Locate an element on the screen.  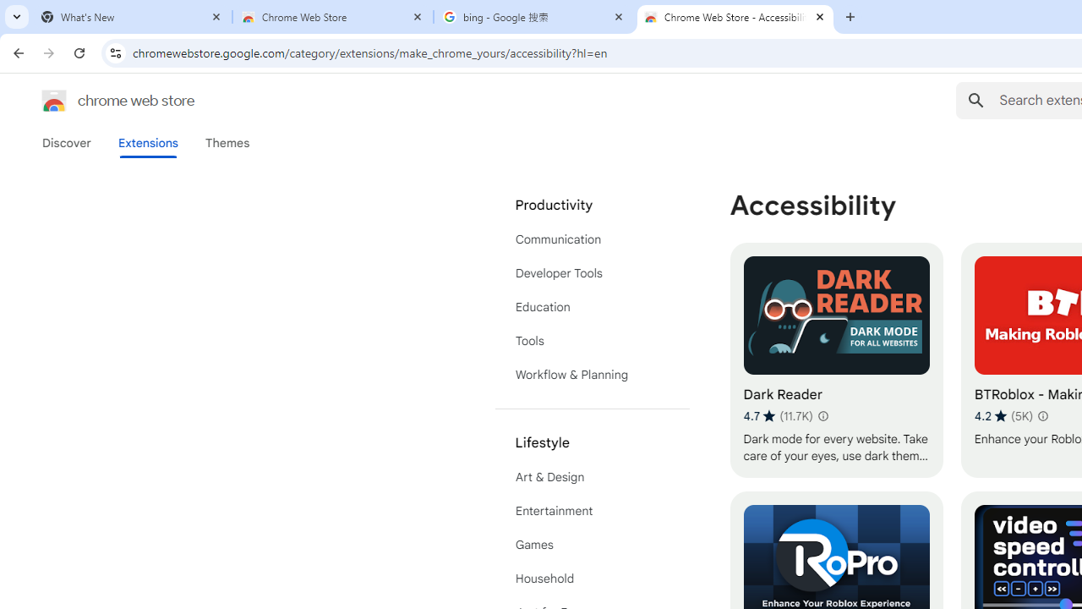
'Learn more about results and reviews "Dark Reader"' is located at coordinates (822, 416).